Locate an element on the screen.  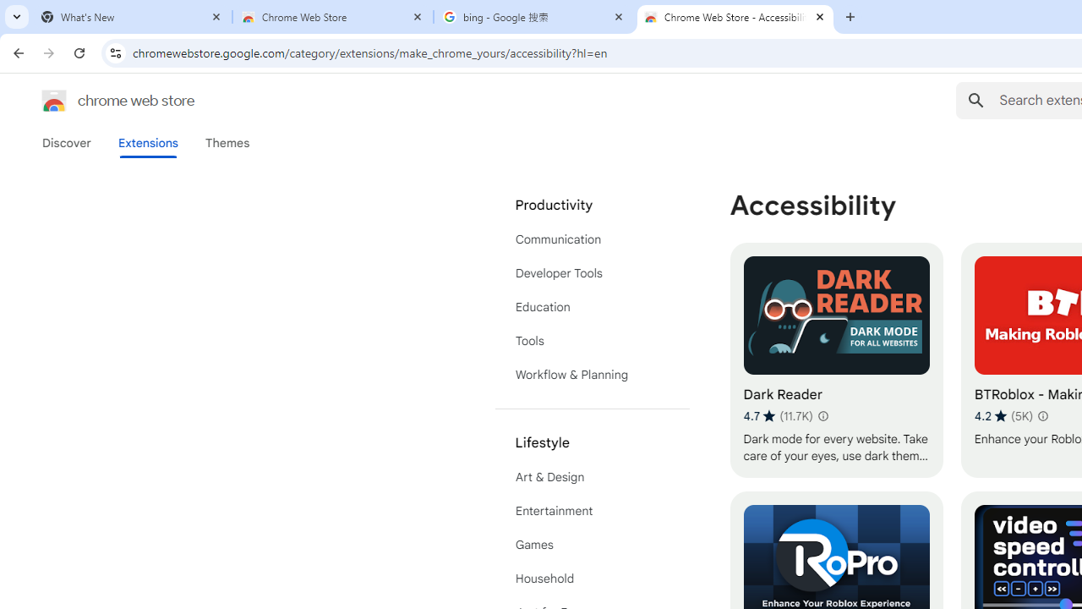
'Learn more about results and reviews "Dark Reader"' is located at coordinates (822, 416).